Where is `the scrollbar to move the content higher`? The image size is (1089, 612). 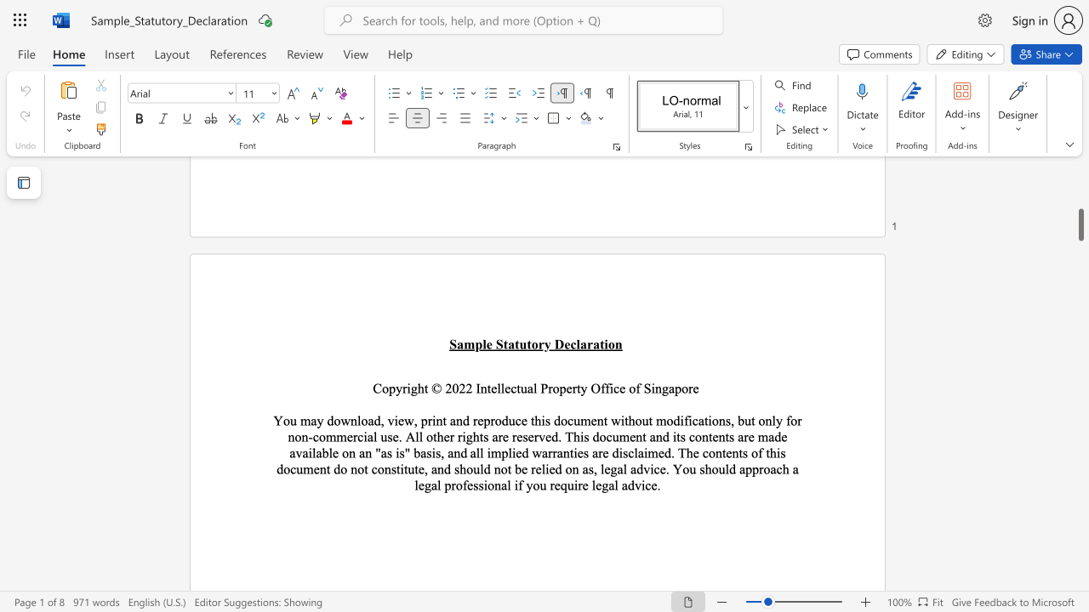 the scrollbar to move the content higher is located at coordinates (1080, 238).